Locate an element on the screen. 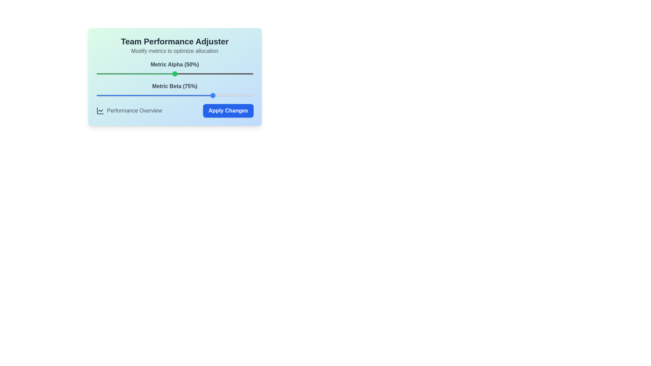  the Metric Alpha slider to set its value to 77 is located at coordinates (217, 74).